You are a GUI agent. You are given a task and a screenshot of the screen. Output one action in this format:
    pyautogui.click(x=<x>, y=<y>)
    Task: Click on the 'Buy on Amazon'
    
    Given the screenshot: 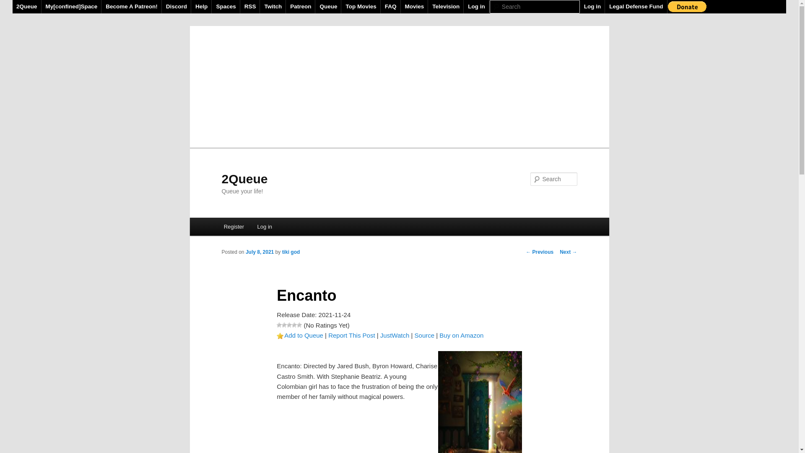 What is the action you would take?
    pyautogui.click(x=461, y=335)
    